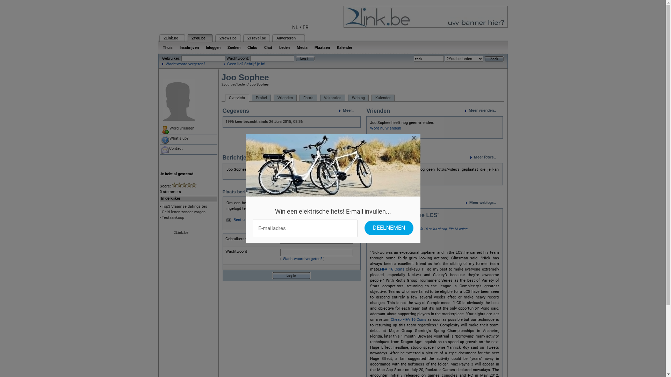 This screenshot has width=671, height=377. Describe the element at coordinates (322, 47) in the screenshot. I see `'Plaatsen'` at that location.